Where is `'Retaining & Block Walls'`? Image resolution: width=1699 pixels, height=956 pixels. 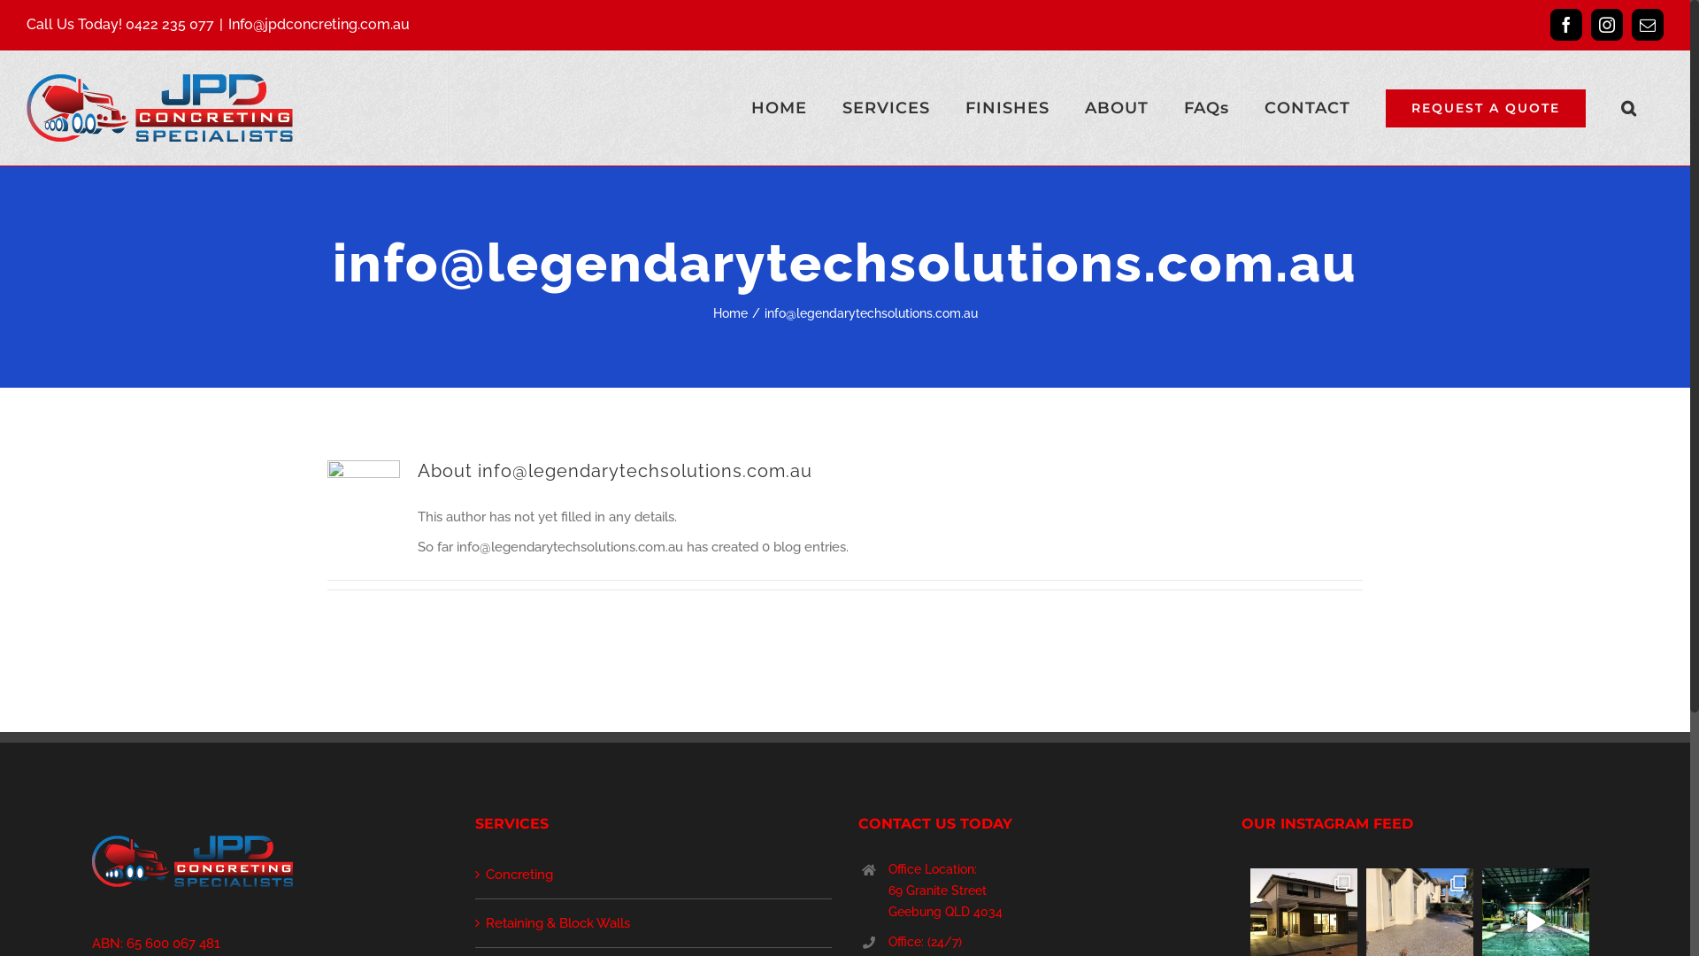 'Retaining & Block Walls' is located at coordinates (653, 921).